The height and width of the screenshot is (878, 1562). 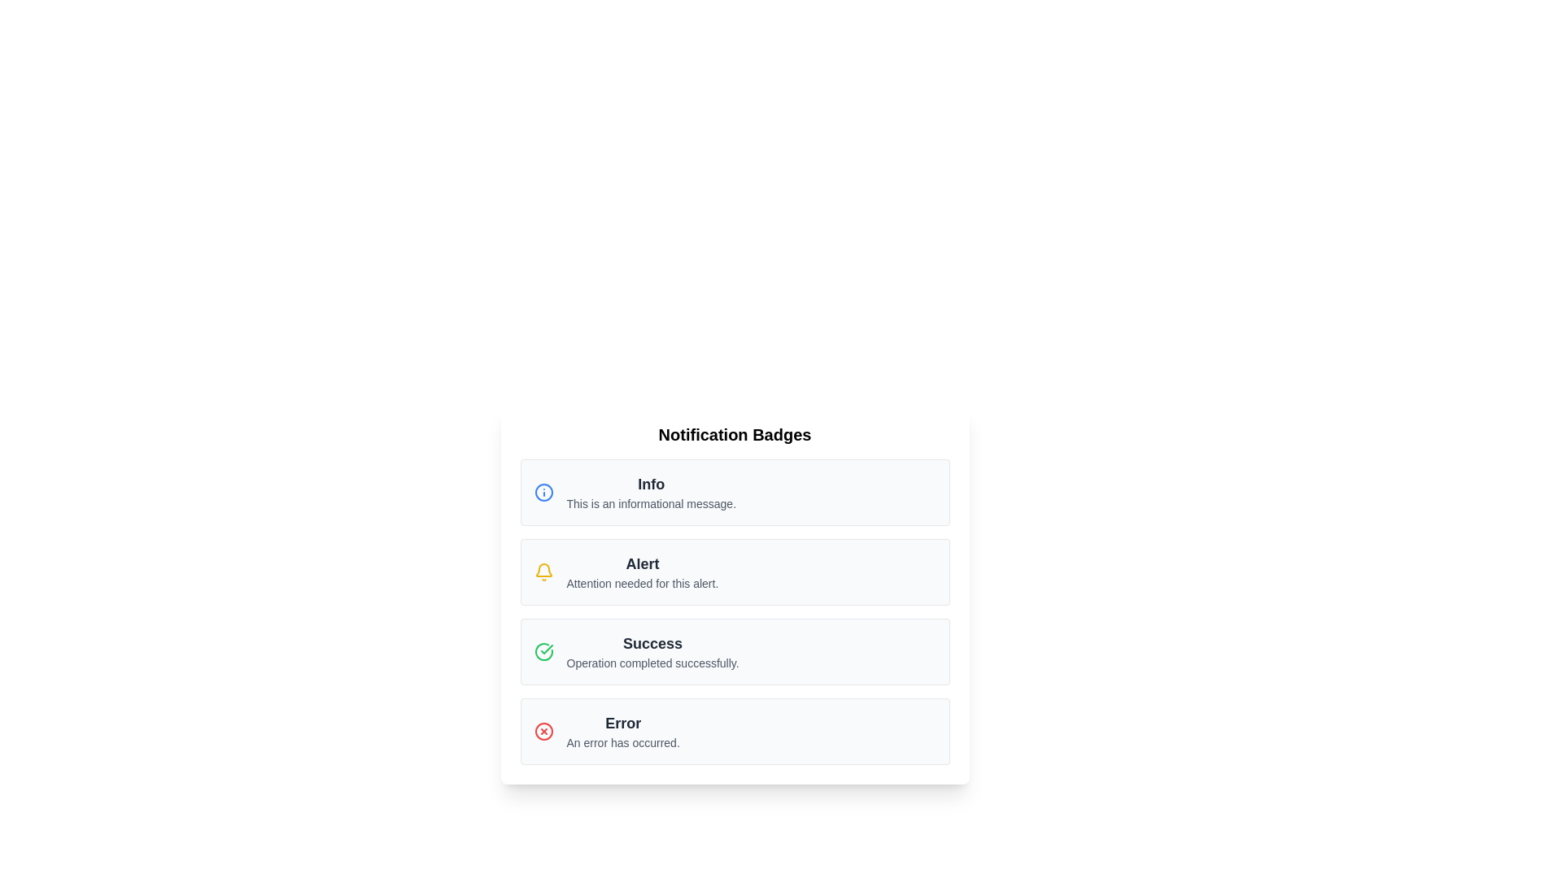 What do you see at coordinates (543, 572) in the screenshot?
I see `the alert notification icon located in the 'Alert' section, positioned above the text 'Attention needed for this alert.'` at bounding box center [543, 572].